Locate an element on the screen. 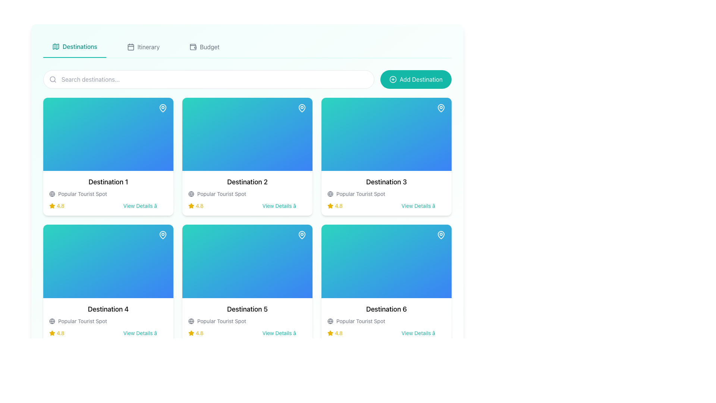 This screenshot has width=716, height=403. the text label that categorizes the destination within the card labeled 'Destination 1', positioned at the bottom section and aligned with the icon and rating text is located at coordinates (82, 194).